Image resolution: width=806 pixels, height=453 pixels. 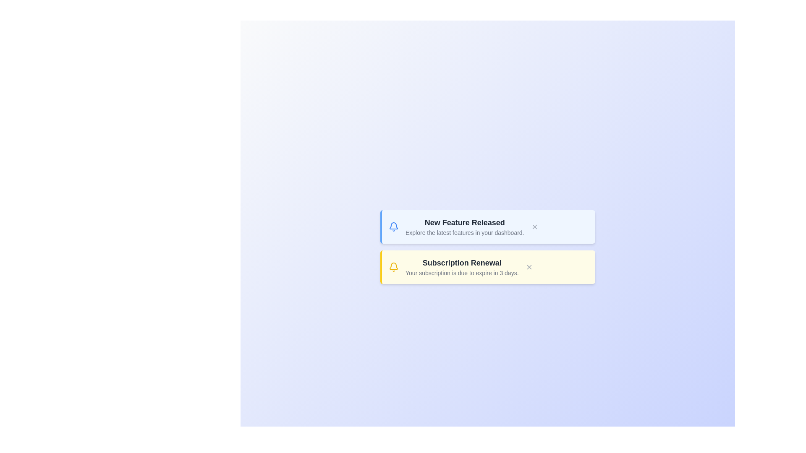 What do you see at coordinates (534, 226) in the screenshot?
I see `the 'X' button of the first notification to remove it` at bounding box center [534, 226].